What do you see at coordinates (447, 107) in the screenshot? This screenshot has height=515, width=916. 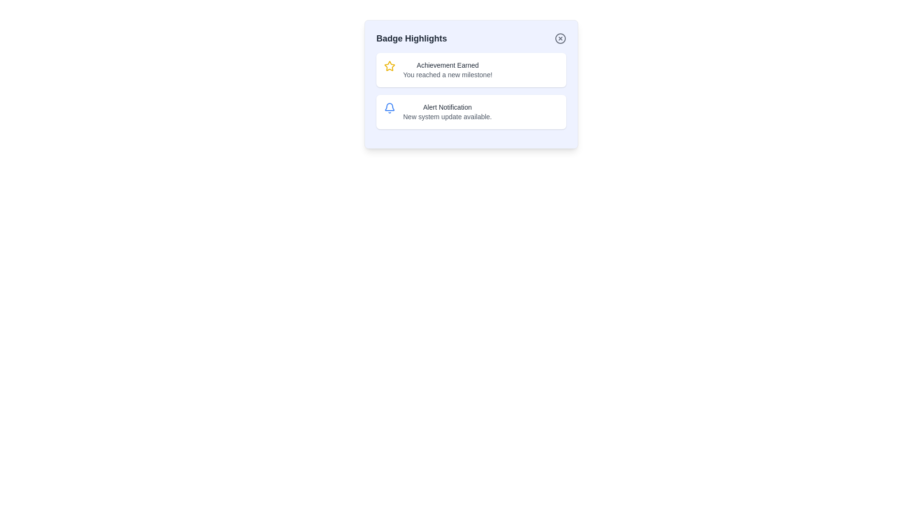 I see `text label located in the second row of the 'Badge Highlights' section, positioned above the sibling element that reads 'New system update available.'` at bounding box center [447, 107].